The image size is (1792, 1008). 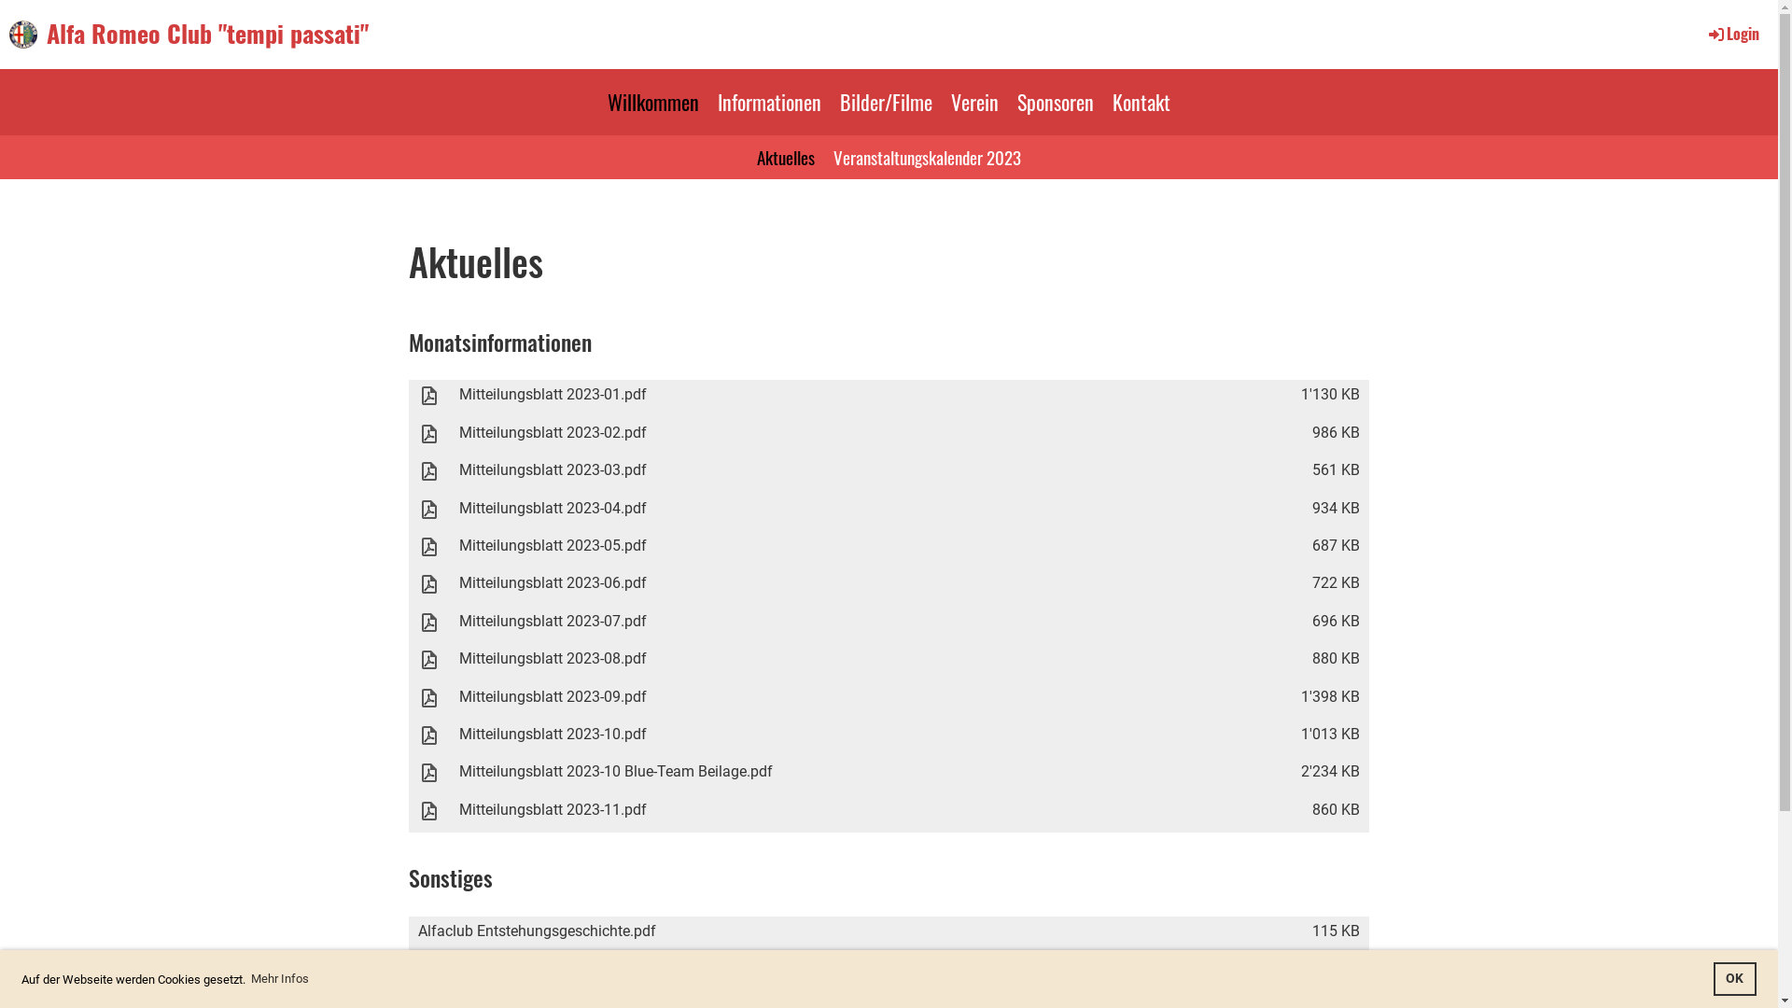 What do you see at coordinates (1102, 102) in the screenshot?
I see `'Kontakt'` at bounding box center [1102, 102].